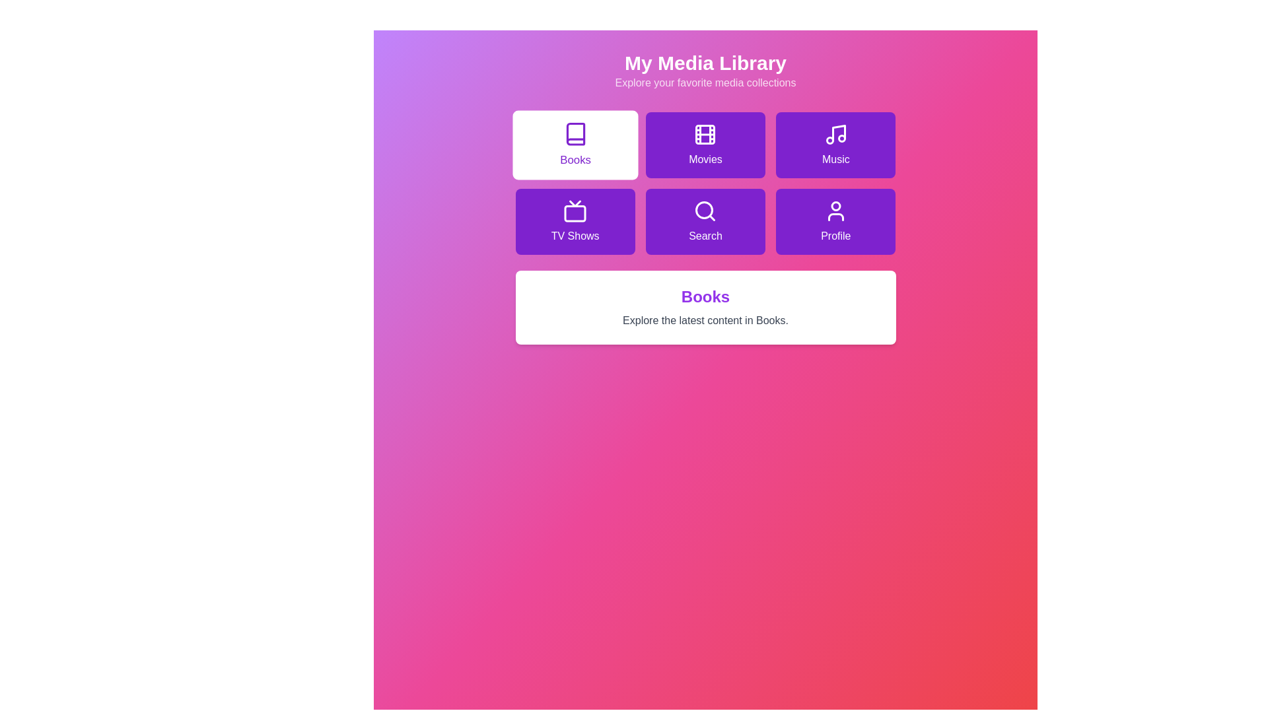  Describe the element at coordinates (575, 134) in the screenshot. I see `the stylized book icon representing the 'Books' category located in the upper left section of the grid interface` at that location.